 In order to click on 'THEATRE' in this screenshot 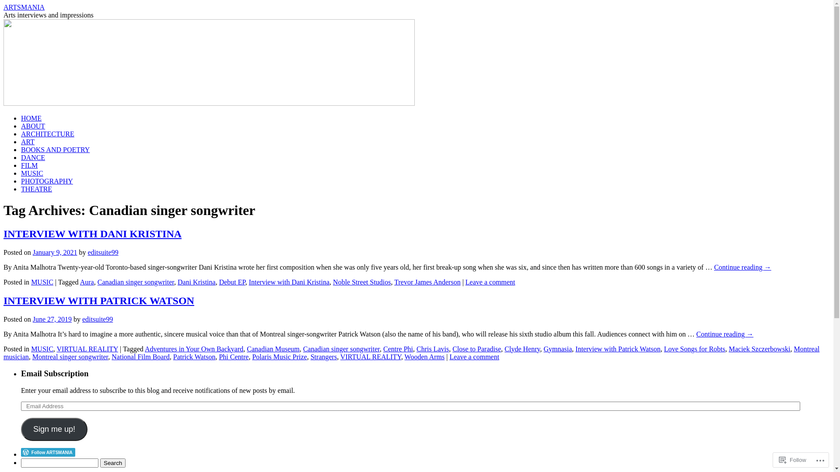, I will do `click(21, 188)`.